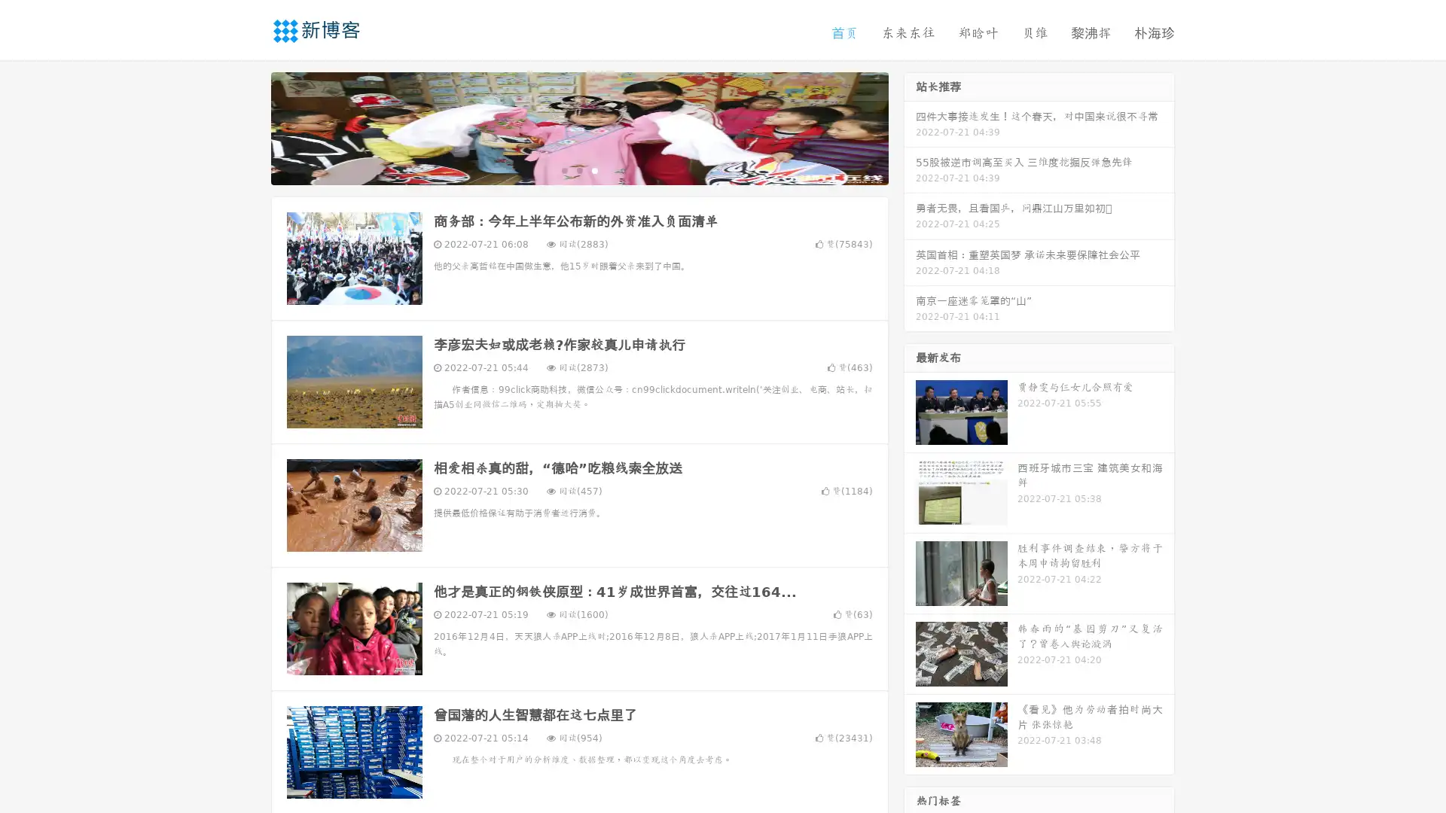 The width and height of the screenshot is (1446, 813). What do you see at coordinates (249, 126) in the screenshot?
I see `Previous slide` at bounding box center [249, 126].